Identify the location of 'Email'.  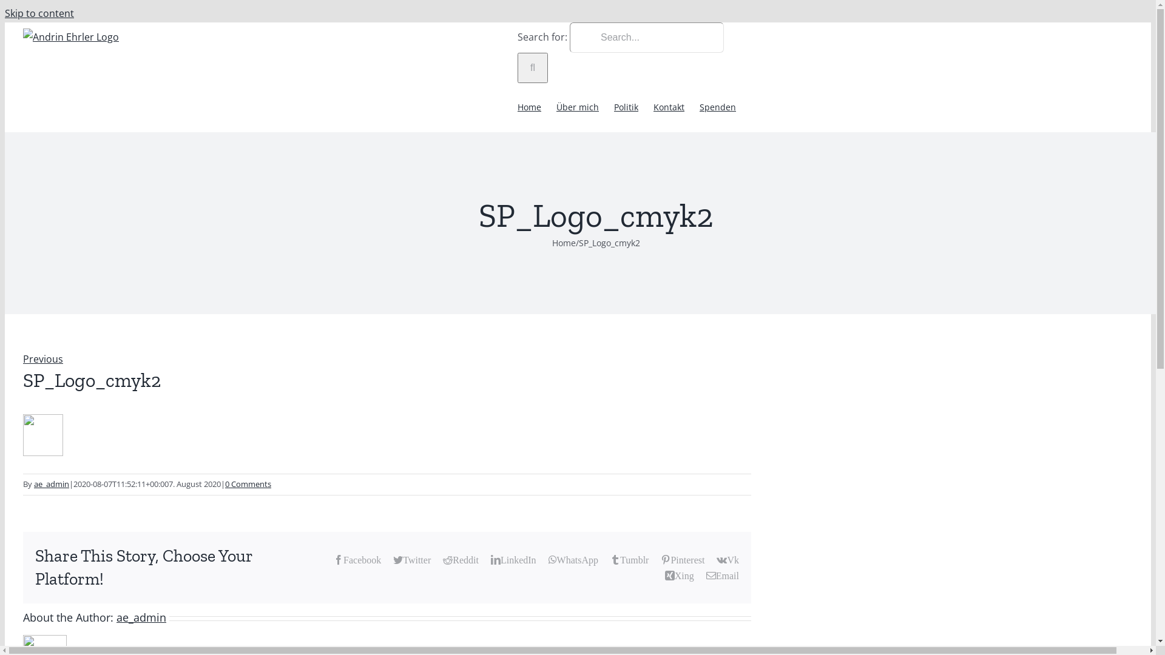
(722, 574).